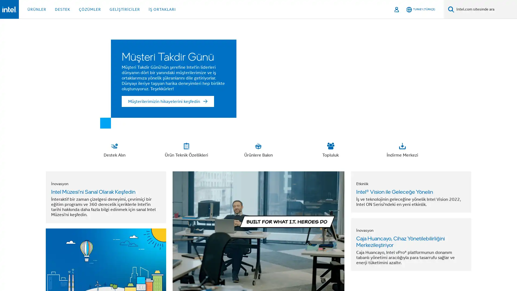 The width and height of the screenshot is (517, 291). What do you see at coordinates (420, 9) in the screenshot?
I see `Turkey (Turkce)` at bounding box center [420, 9].